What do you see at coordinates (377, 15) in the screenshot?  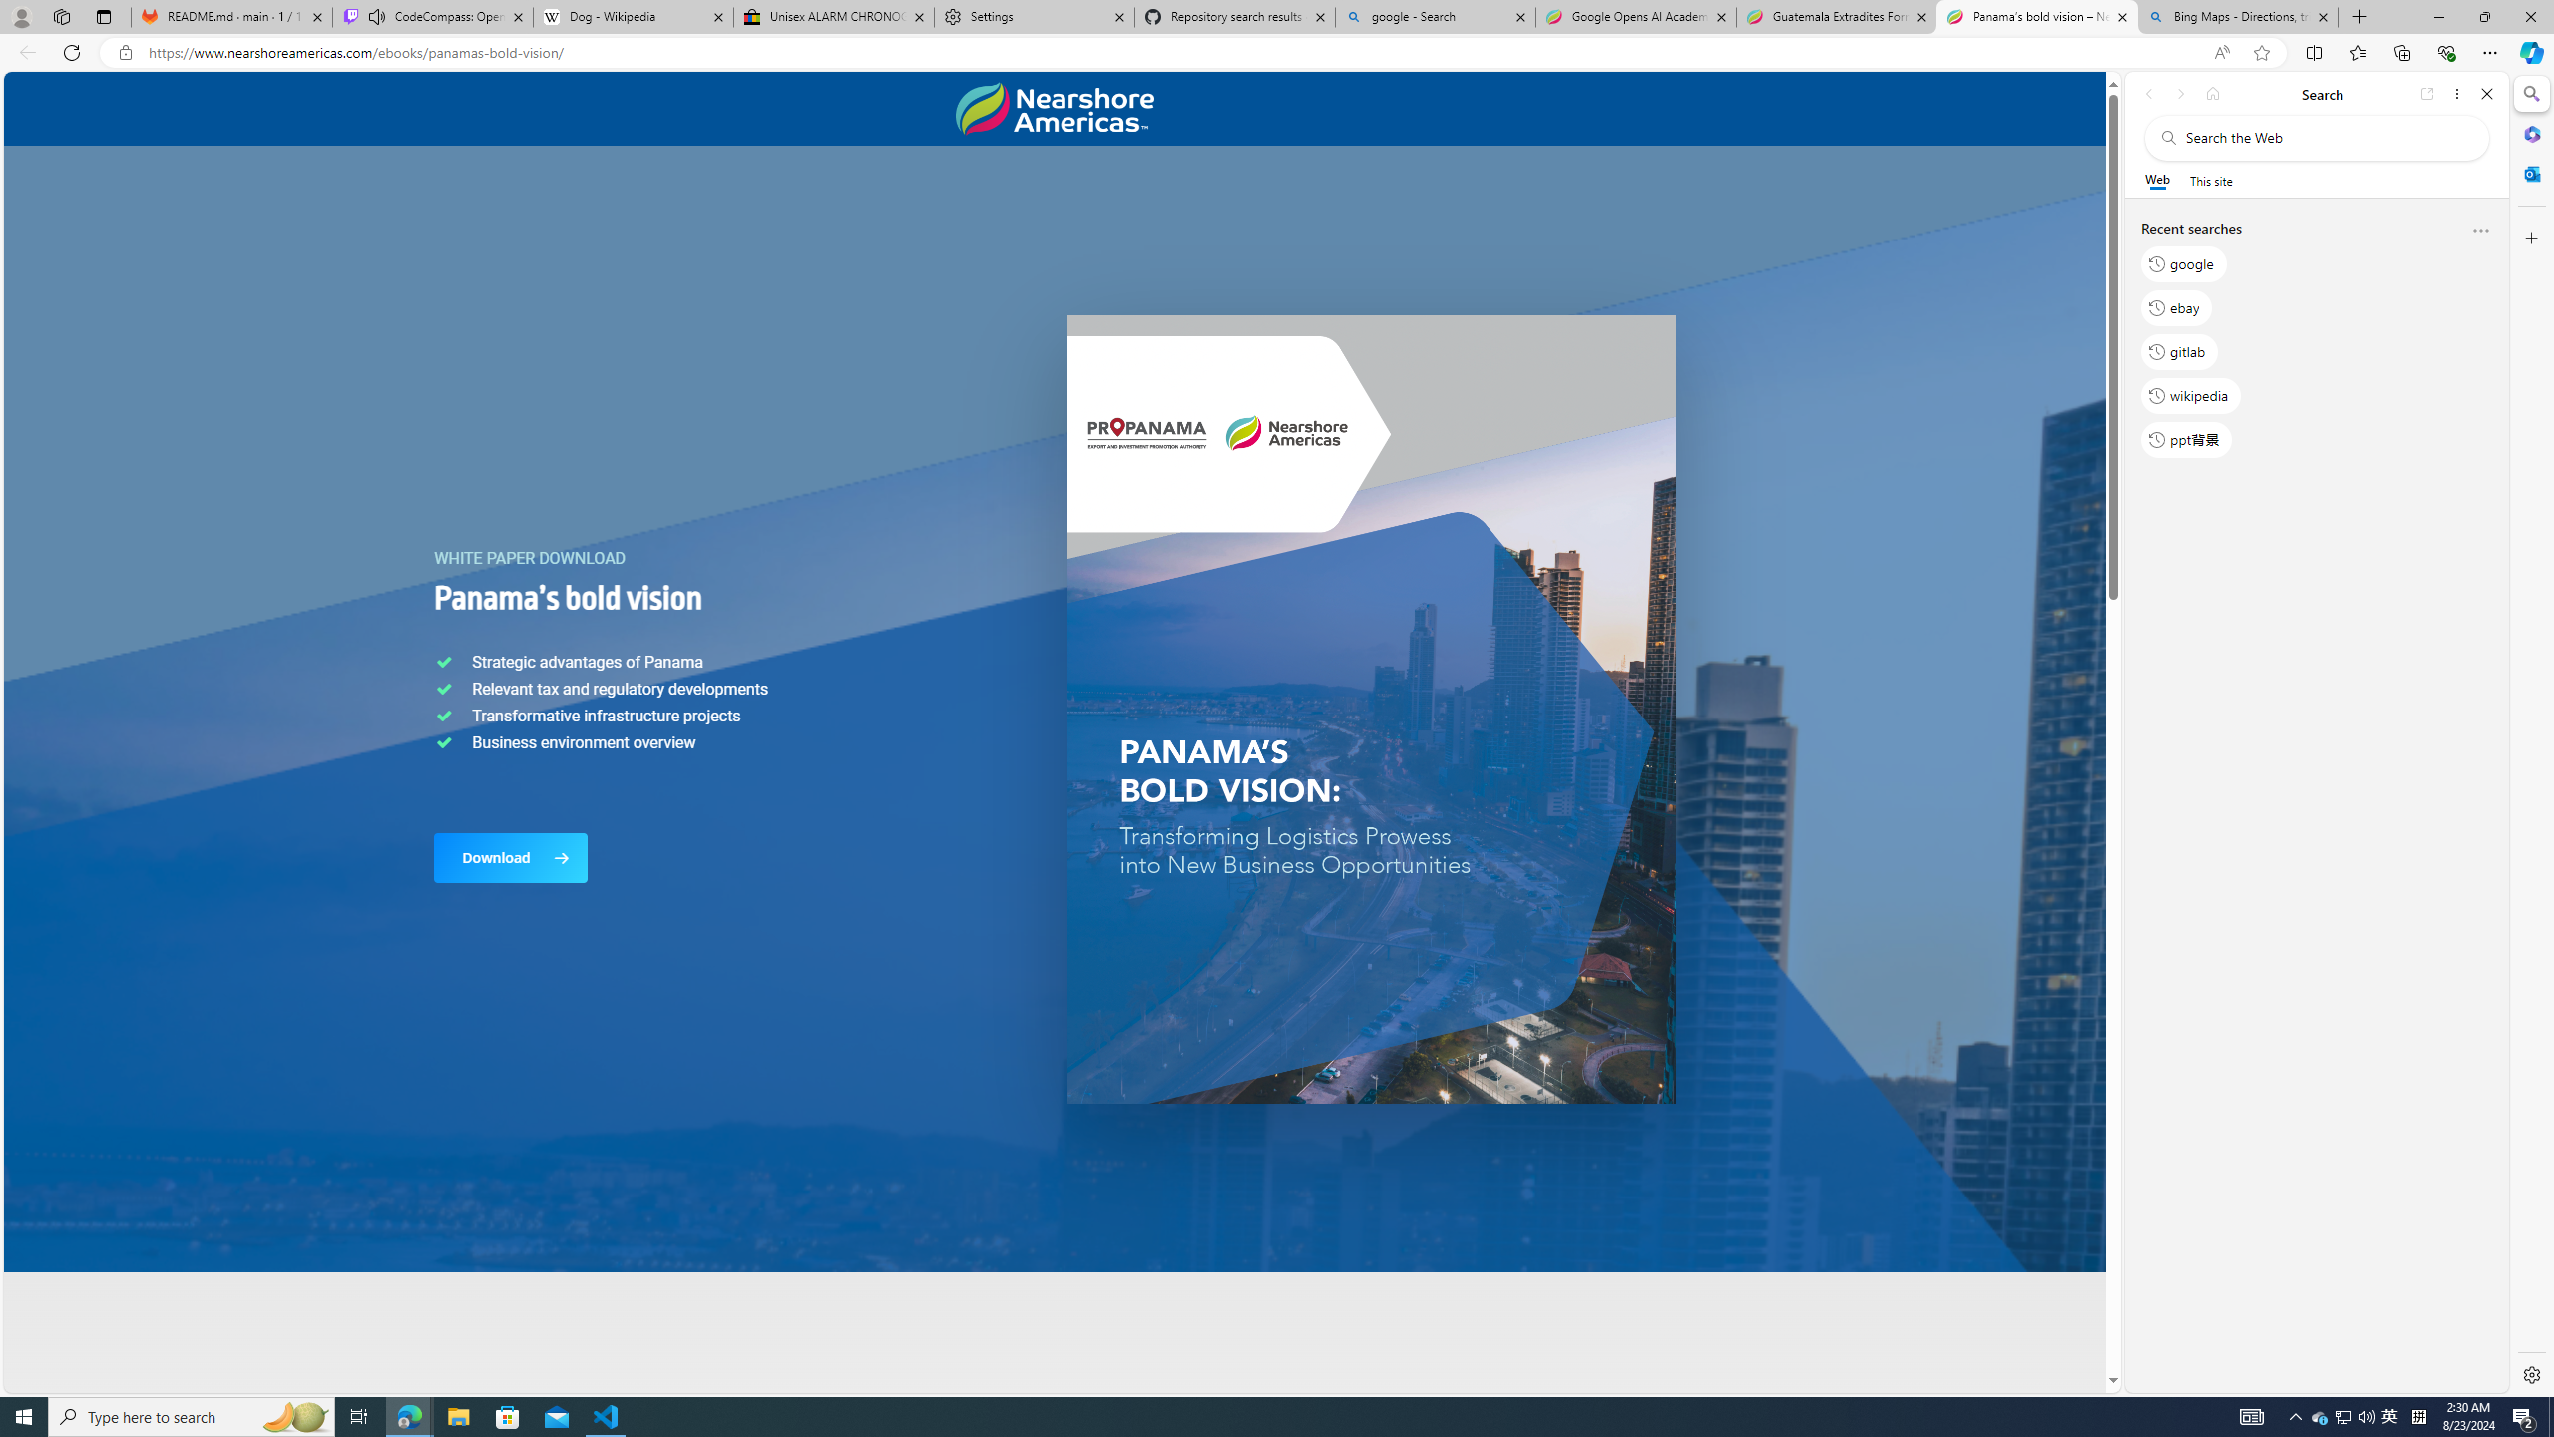 I see `'Mute tab'` at bounding box center [377, 15].